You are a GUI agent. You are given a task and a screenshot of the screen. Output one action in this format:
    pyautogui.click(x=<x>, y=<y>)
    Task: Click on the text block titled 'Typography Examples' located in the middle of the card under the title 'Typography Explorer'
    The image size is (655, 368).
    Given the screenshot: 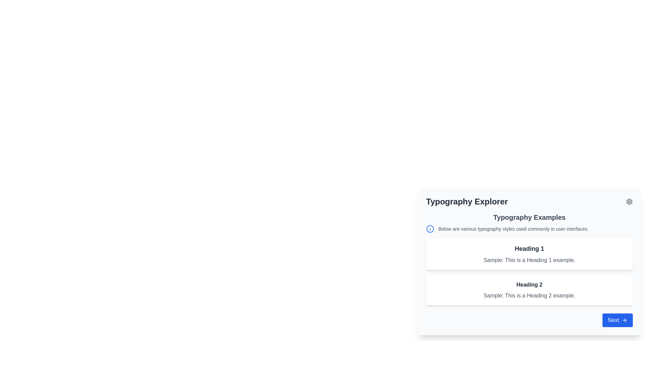 What is the action you would take?
    pyautogui.click(x=529, y=259)
    